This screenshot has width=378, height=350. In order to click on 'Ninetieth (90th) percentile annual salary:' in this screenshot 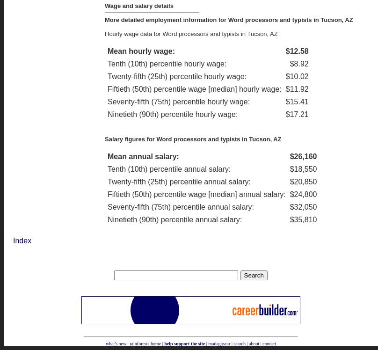, I will do `click(174, 219)`.